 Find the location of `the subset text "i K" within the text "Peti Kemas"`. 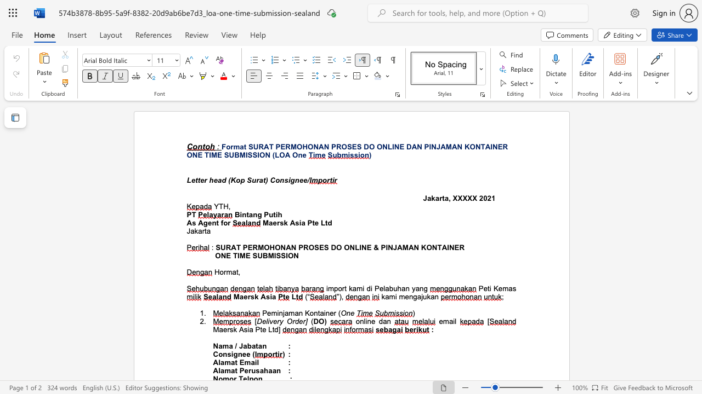

the subset text "i K" within the text "Peti Kemas" is located at coordinates (489, 288).